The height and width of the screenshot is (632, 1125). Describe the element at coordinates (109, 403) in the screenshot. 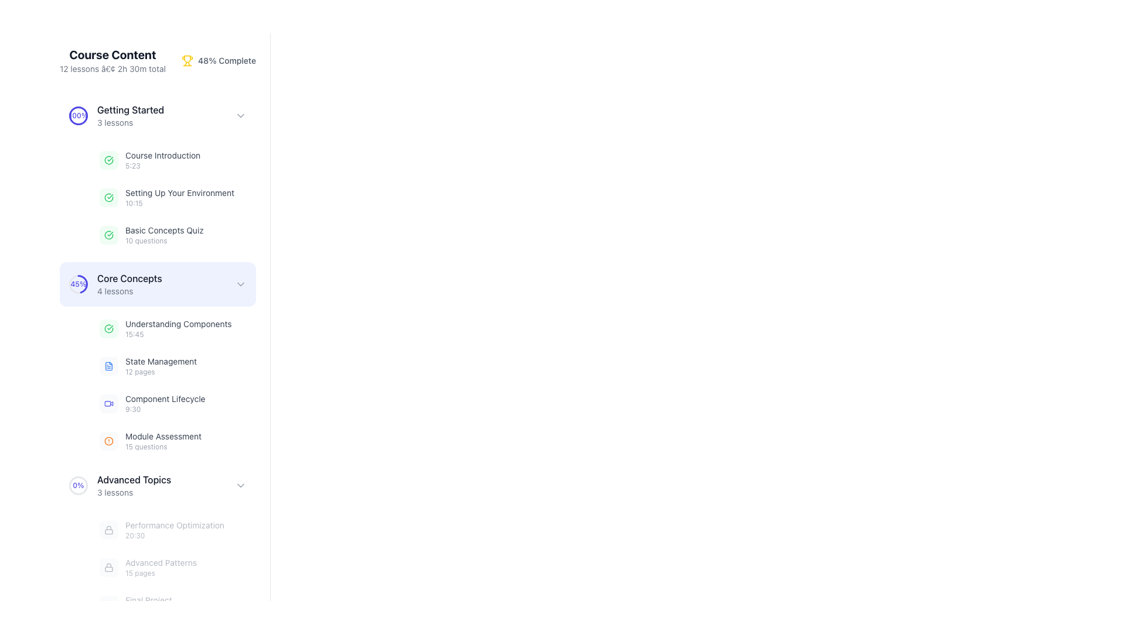

I see `the camera/video recorder icon button with a light gray background located in the 'Core Concepts' section` at that location.